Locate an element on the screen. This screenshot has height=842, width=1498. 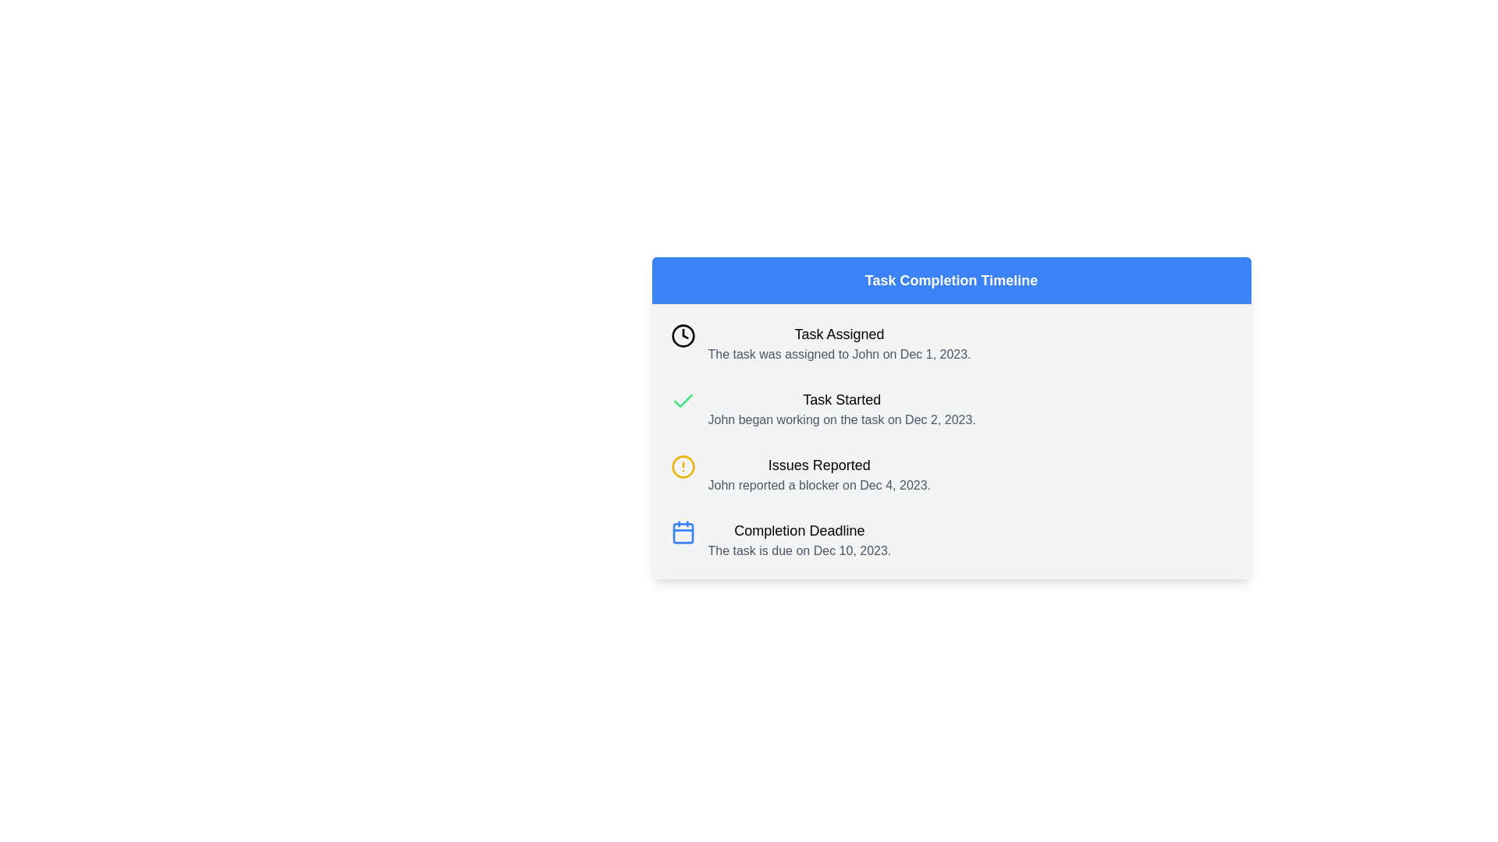
the yellow circular outline icon with an exclamation mark located beside the text 'Issues Reported' in the third row of the 'Task Completion Timeline' is located at coordinates (683, 465).